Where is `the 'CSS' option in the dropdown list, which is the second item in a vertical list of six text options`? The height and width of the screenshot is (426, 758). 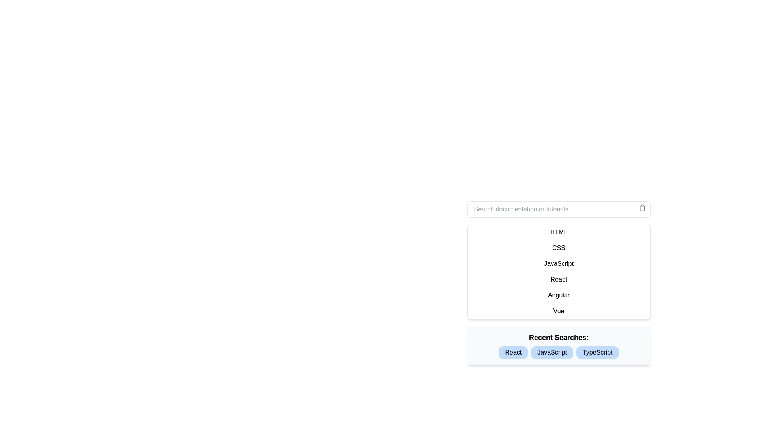 the 'CSS' option in the dropdown list, which is the second item in a vertical list of six text options is located at coordinates (558, 247).